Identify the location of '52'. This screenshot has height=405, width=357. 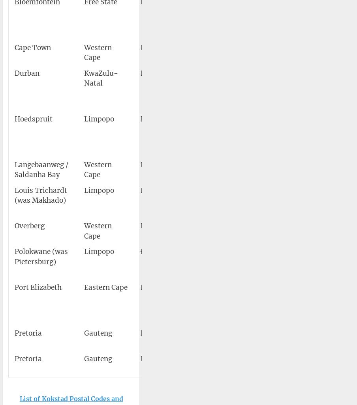
(335, 226).